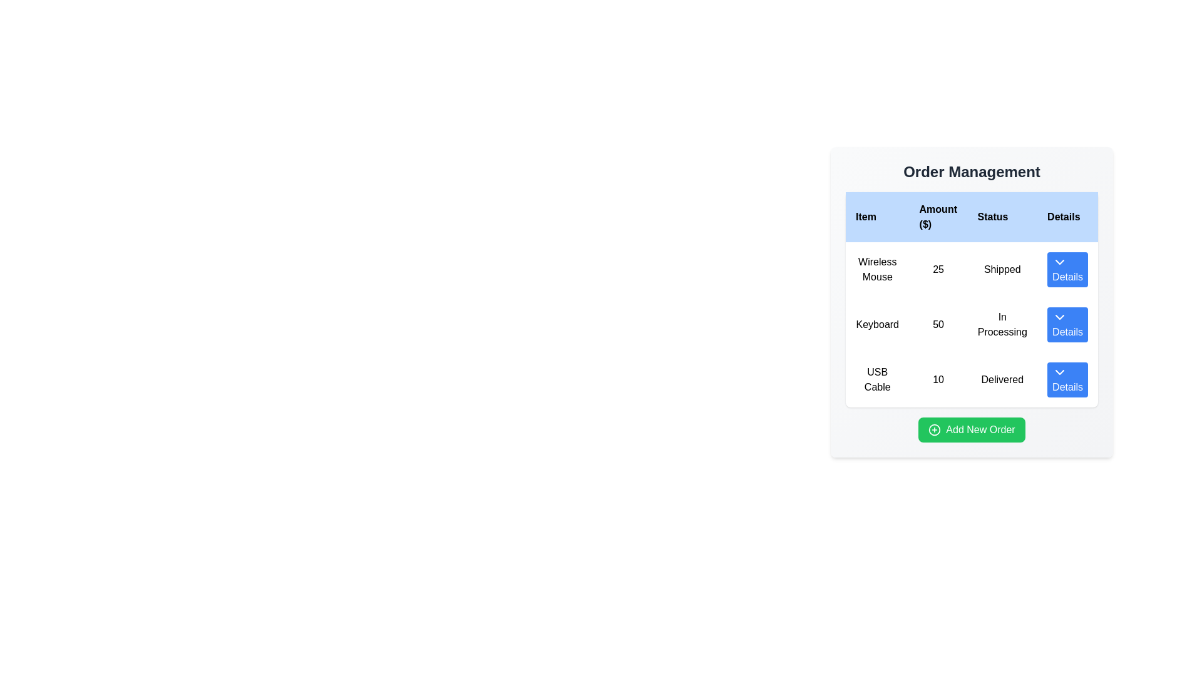 The width and height of the screenshot is (1202, 676). Describe the element at coordinates (971, 217) in the screenshot. I see `the Table Header element at the top of the data table in the 'Order Management' component, which spans the full width of the table` at that location.